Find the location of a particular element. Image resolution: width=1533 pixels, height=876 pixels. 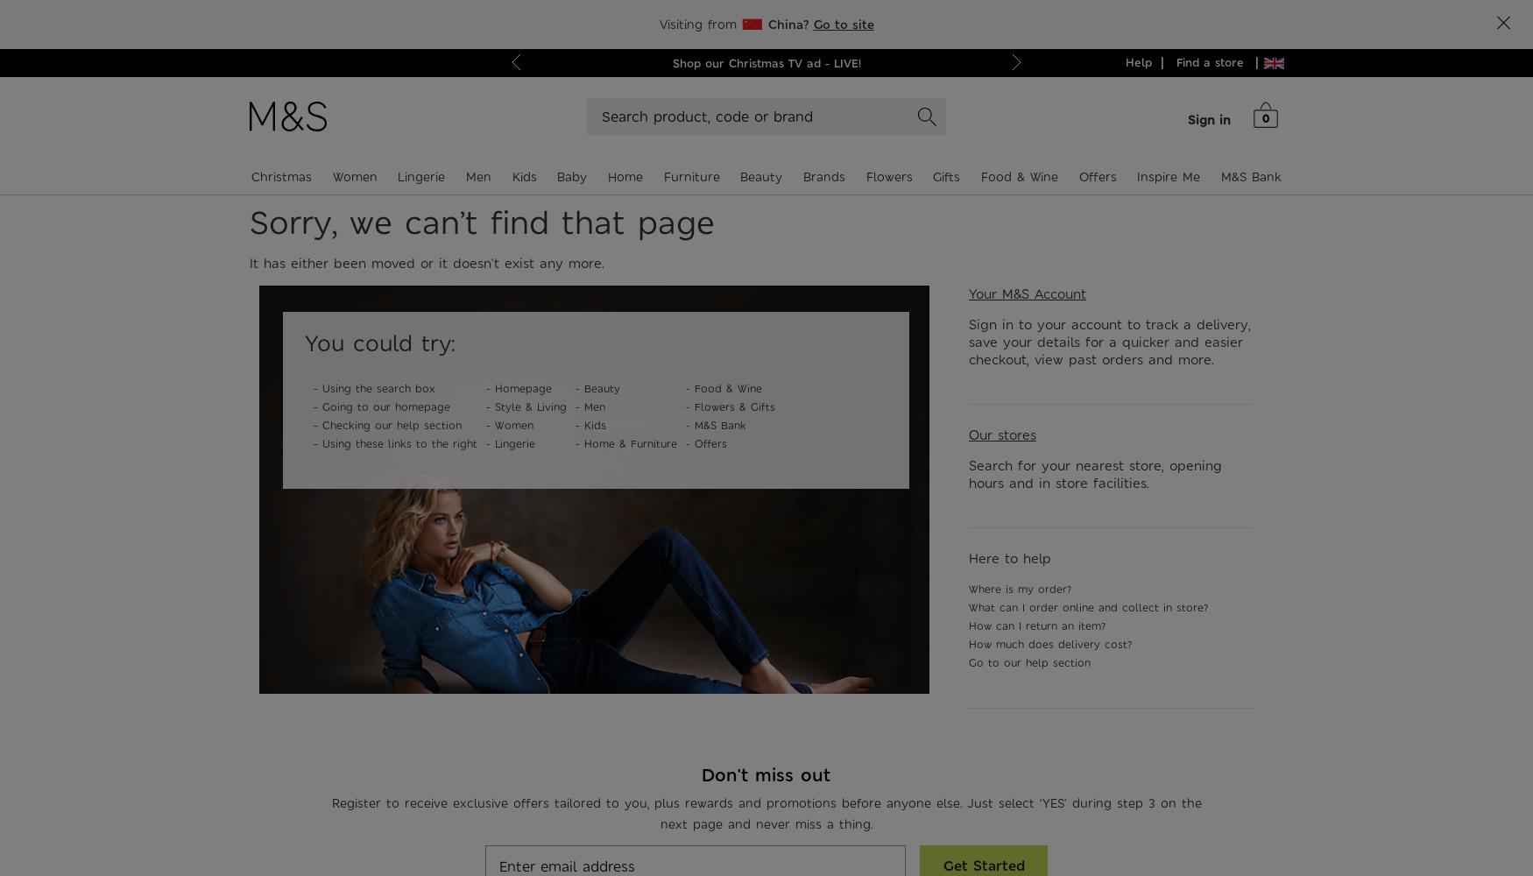

'Help' is located at coordinates (1138, 61).